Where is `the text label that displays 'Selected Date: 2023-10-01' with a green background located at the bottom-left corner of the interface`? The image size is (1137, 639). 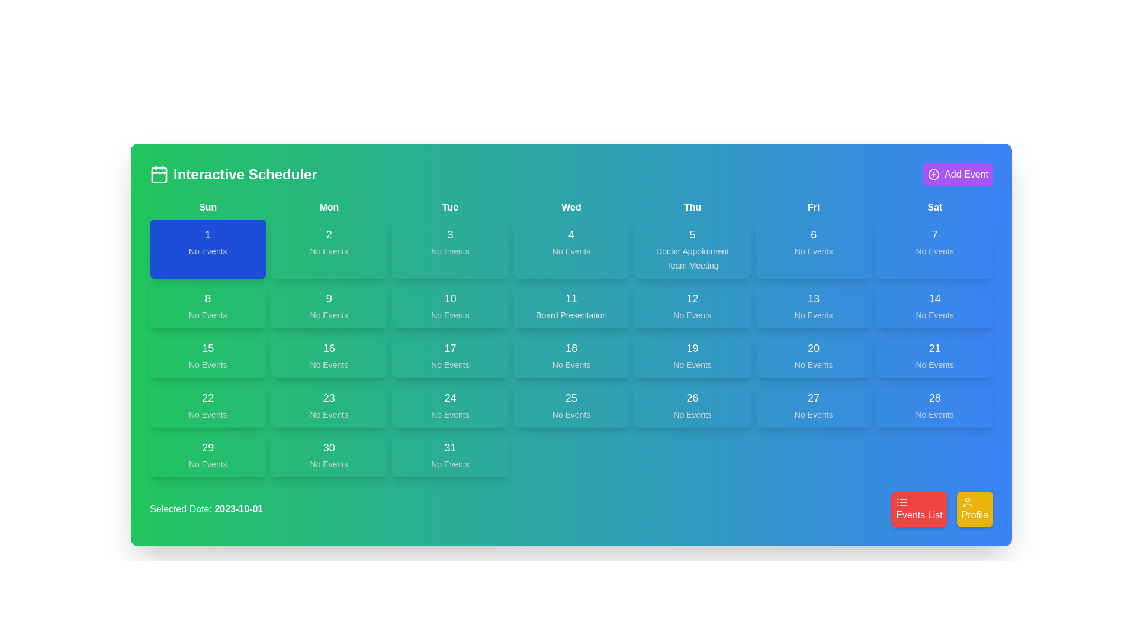 the text label that displays 'Selected Date: 2023-10-01' with a green background located at the bottom-left corner of the interface is located at coordinates (206, 508).